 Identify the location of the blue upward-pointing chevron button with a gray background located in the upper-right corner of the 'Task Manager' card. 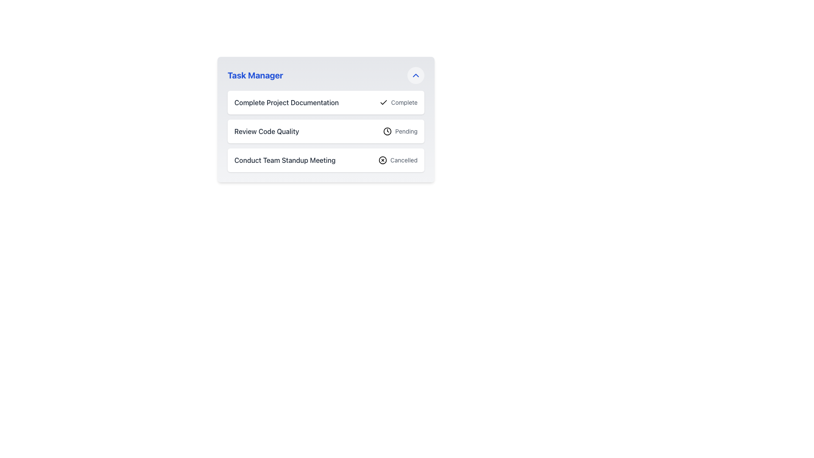
(415, 75).